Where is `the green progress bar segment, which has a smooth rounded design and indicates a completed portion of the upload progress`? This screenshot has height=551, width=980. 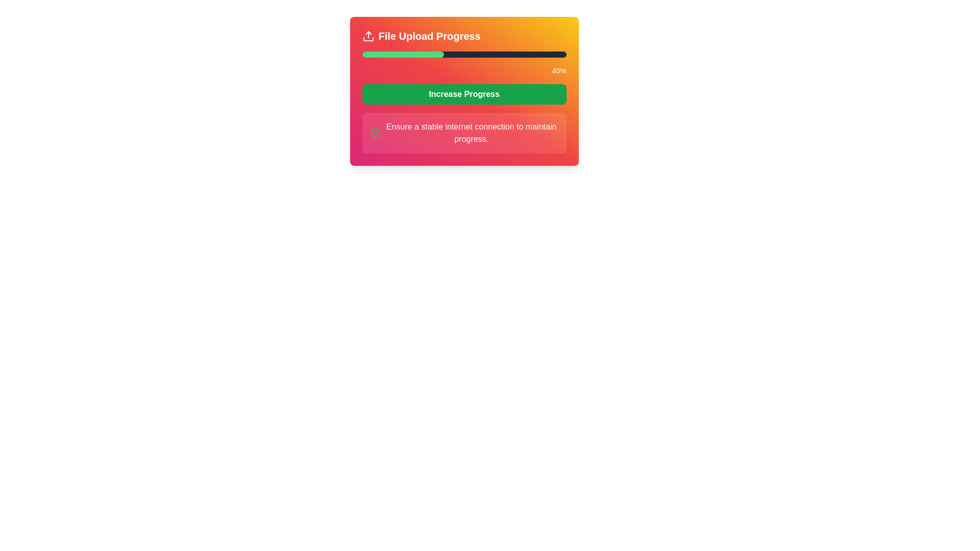 the green progress bar segment, which has a smooth rounded design and indicates a completed portion of the upload progress is located at coordinates (402, 55).